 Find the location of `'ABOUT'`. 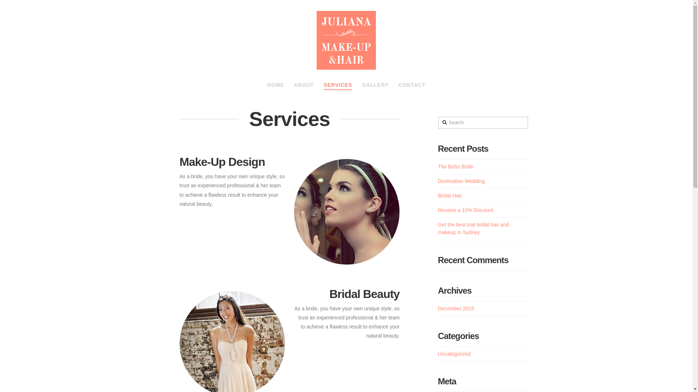

'ABOUT' is located at coordinates (288, 85).